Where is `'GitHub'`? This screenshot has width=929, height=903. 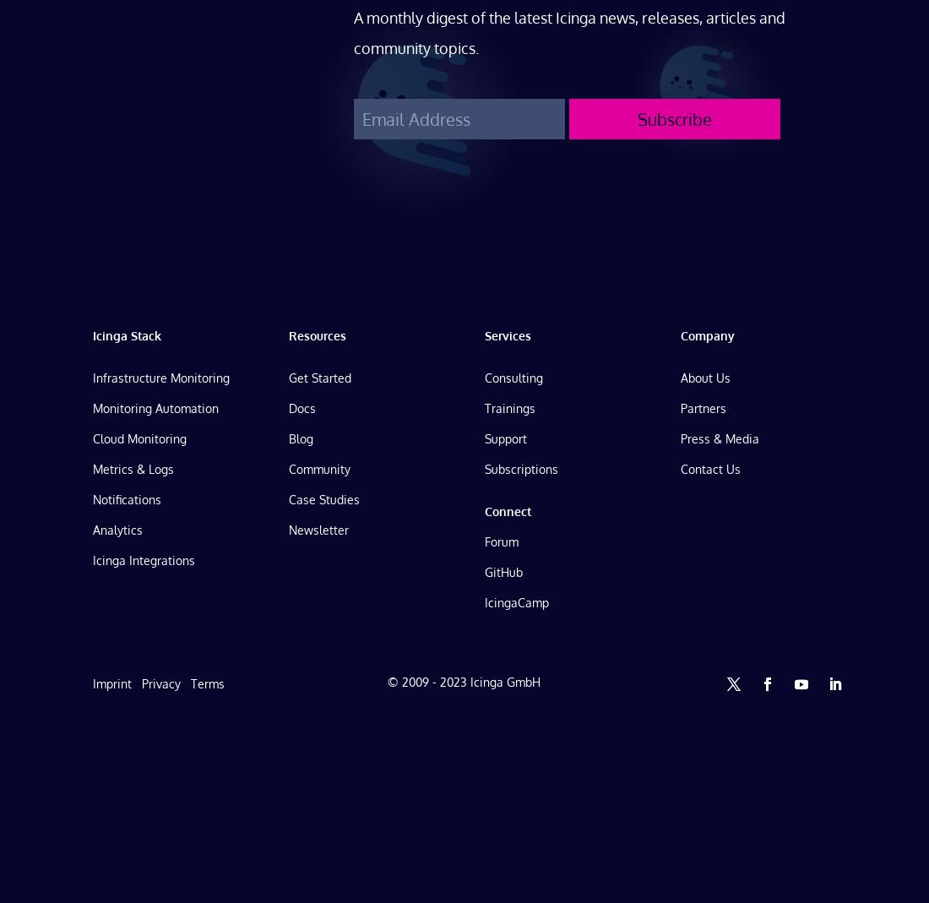
'GitHub' is located at coordinates (503, 570).